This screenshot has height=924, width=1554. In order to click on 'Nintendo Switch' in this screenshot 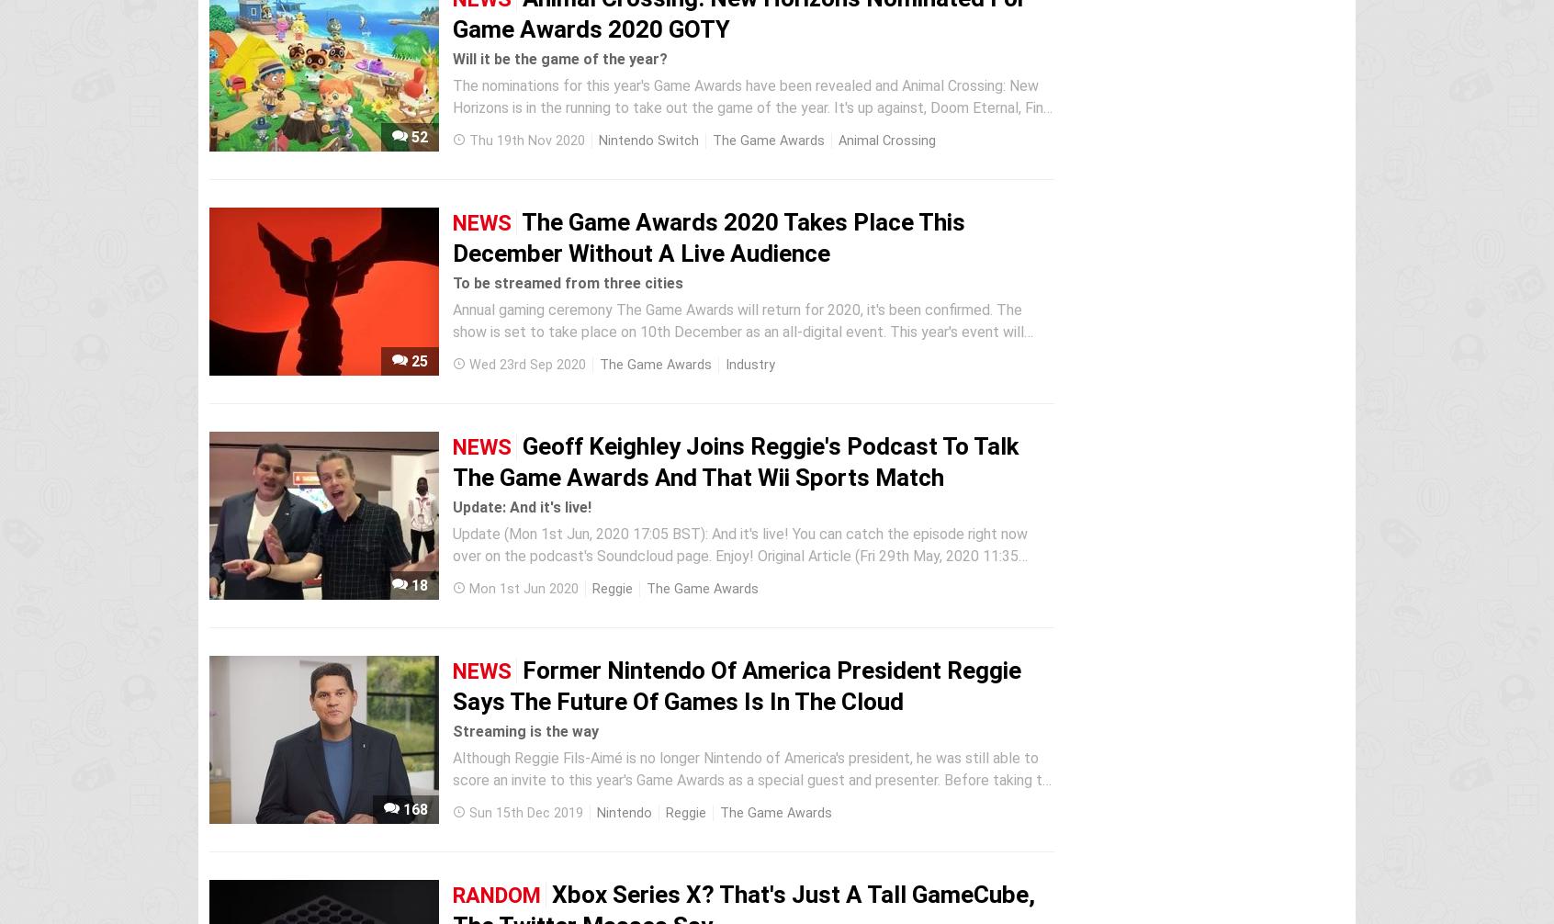, I will do `click(598, 141)`.